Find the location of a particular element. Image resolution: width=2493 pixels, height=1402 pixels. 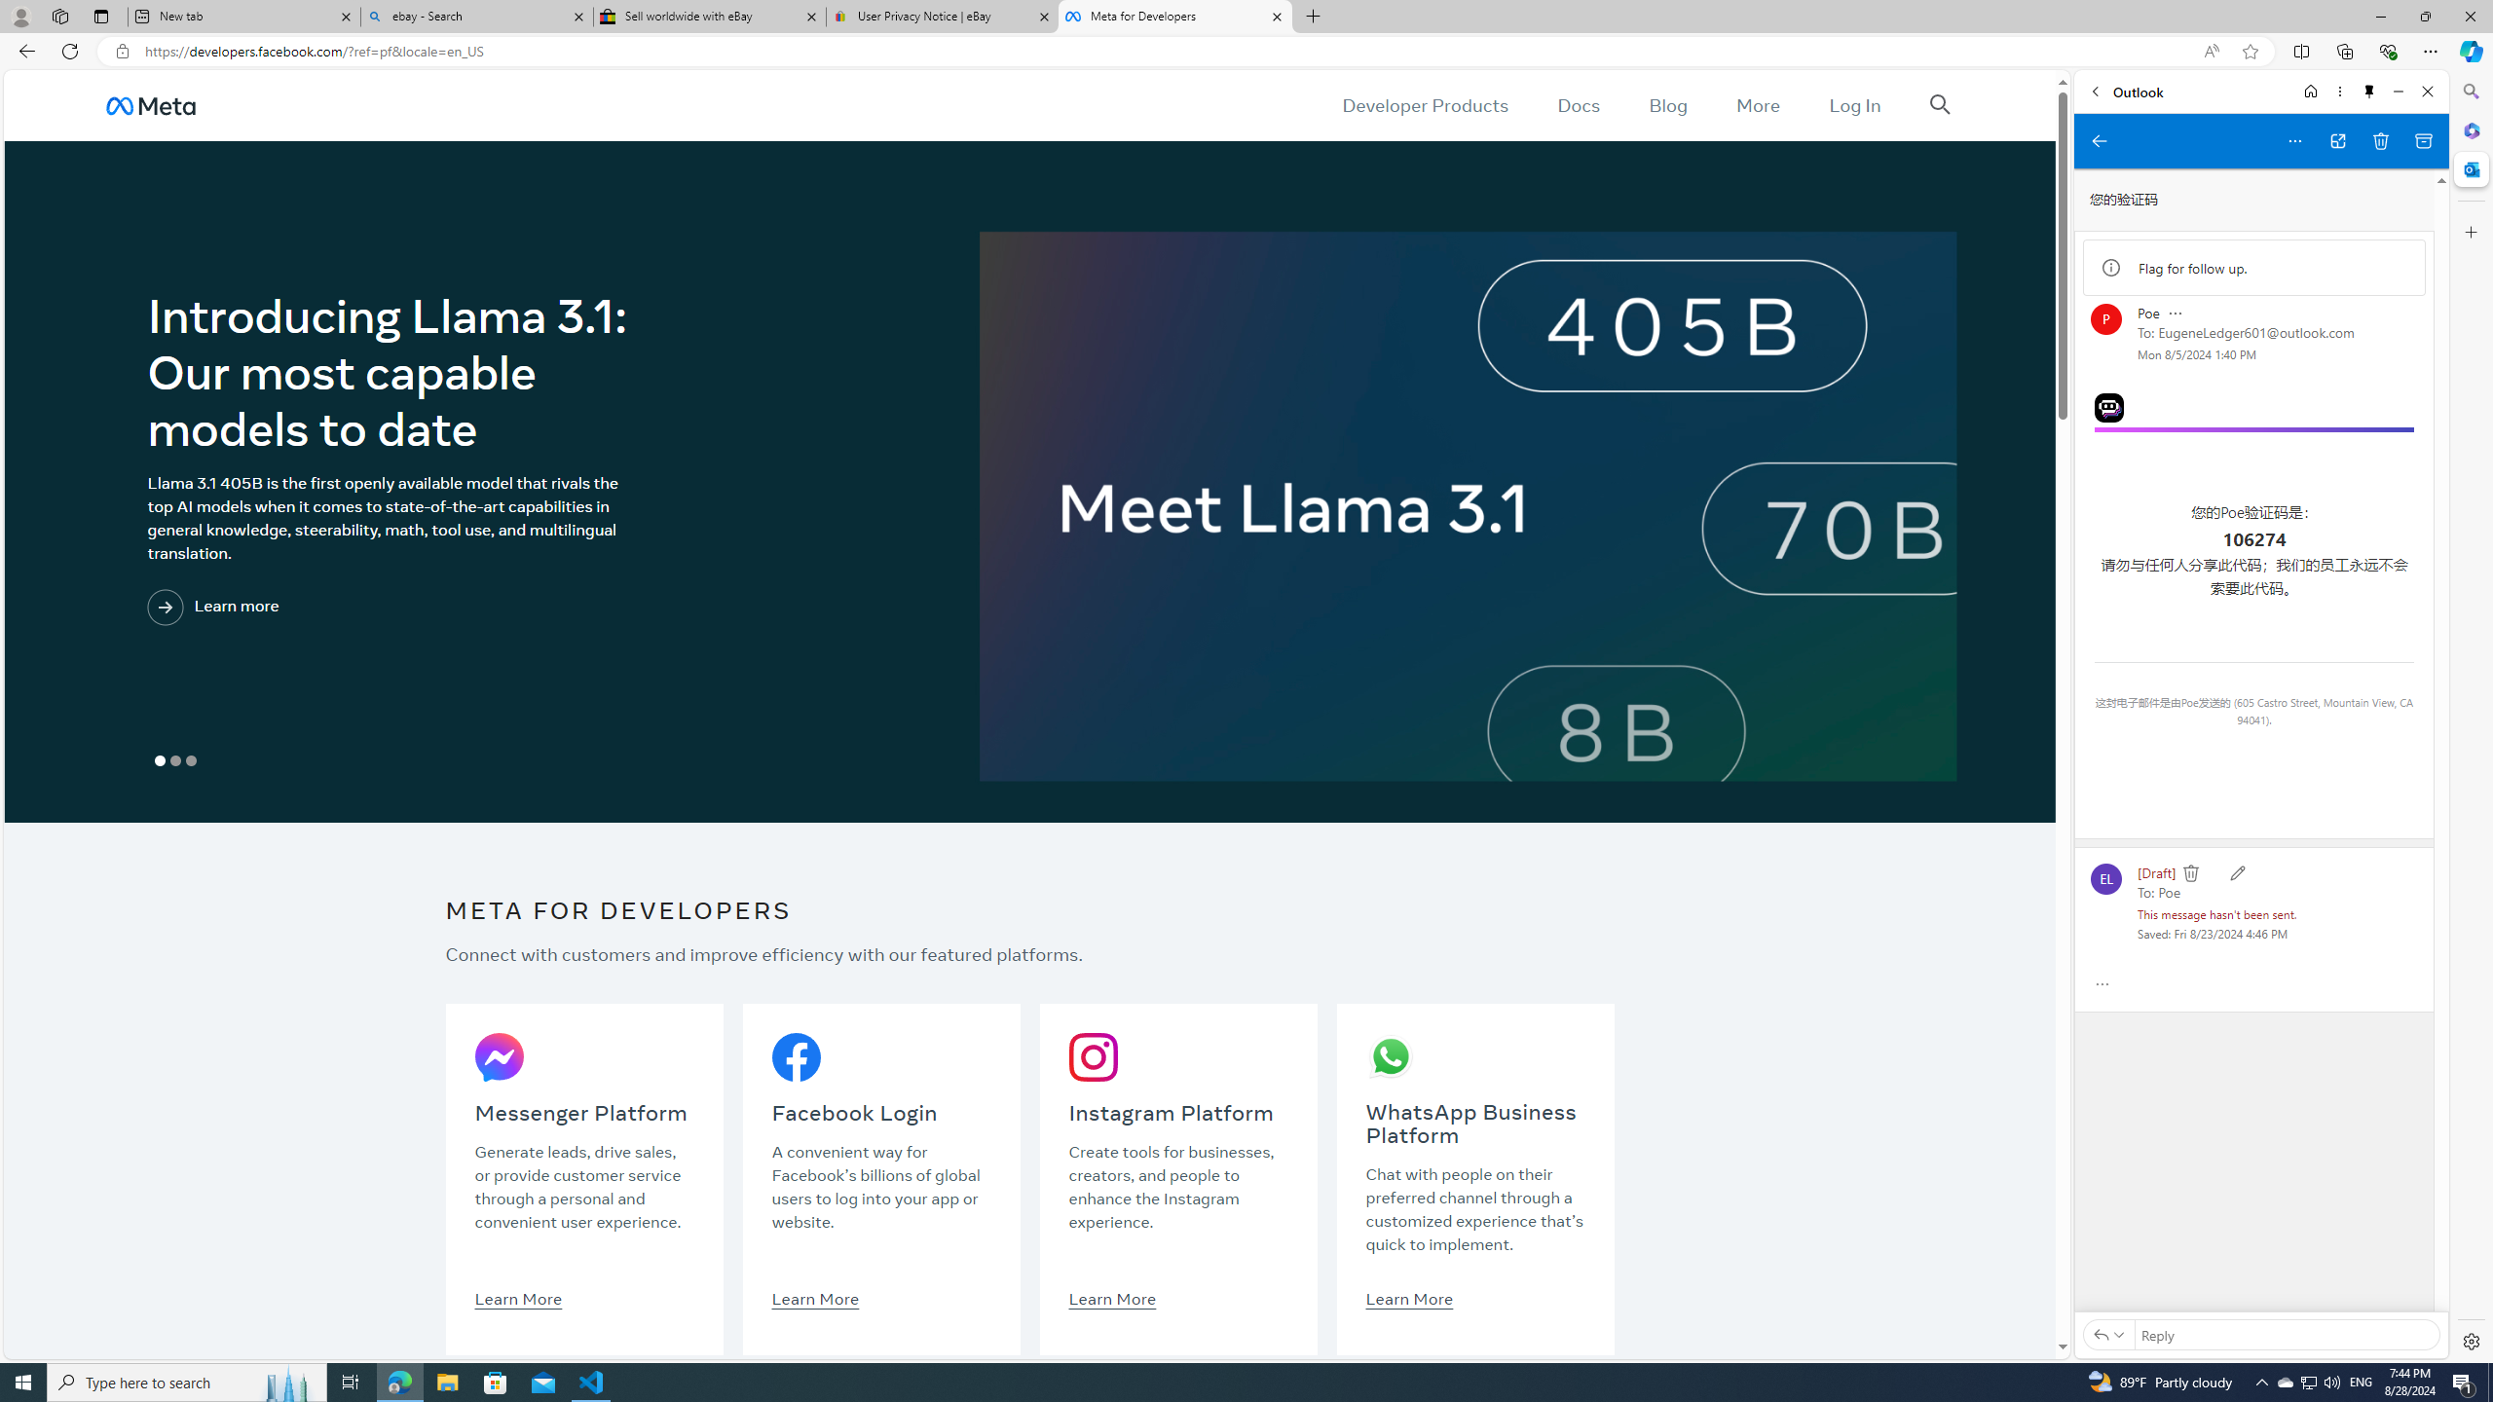

'Customize' is located at coordinates (2469, 231).